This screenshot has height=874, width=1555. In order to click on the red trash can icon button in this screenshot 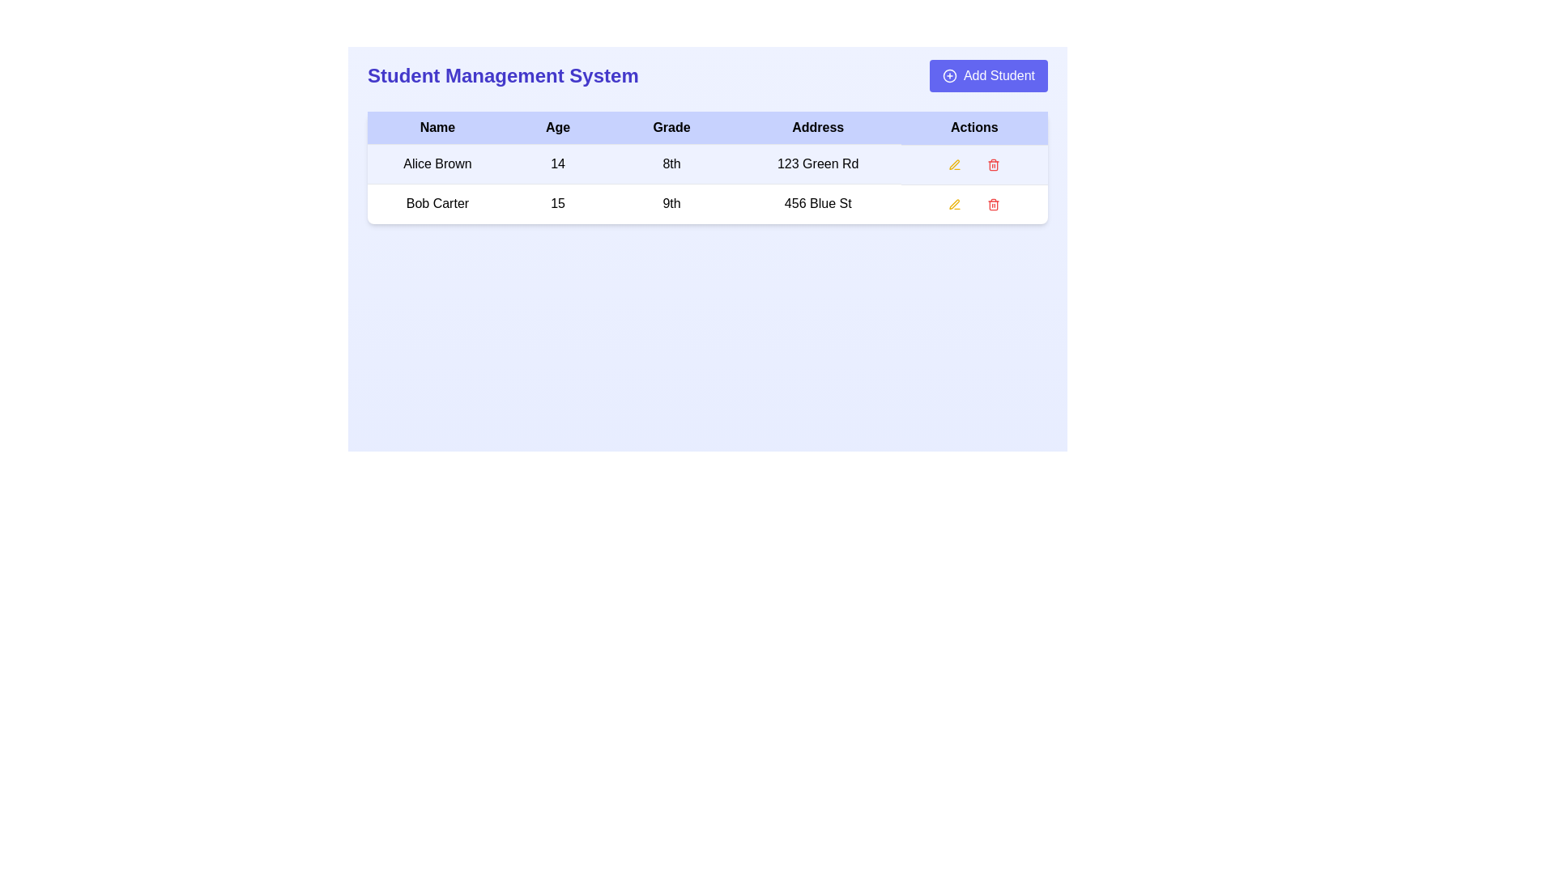, I will do `click(993, 203)`.